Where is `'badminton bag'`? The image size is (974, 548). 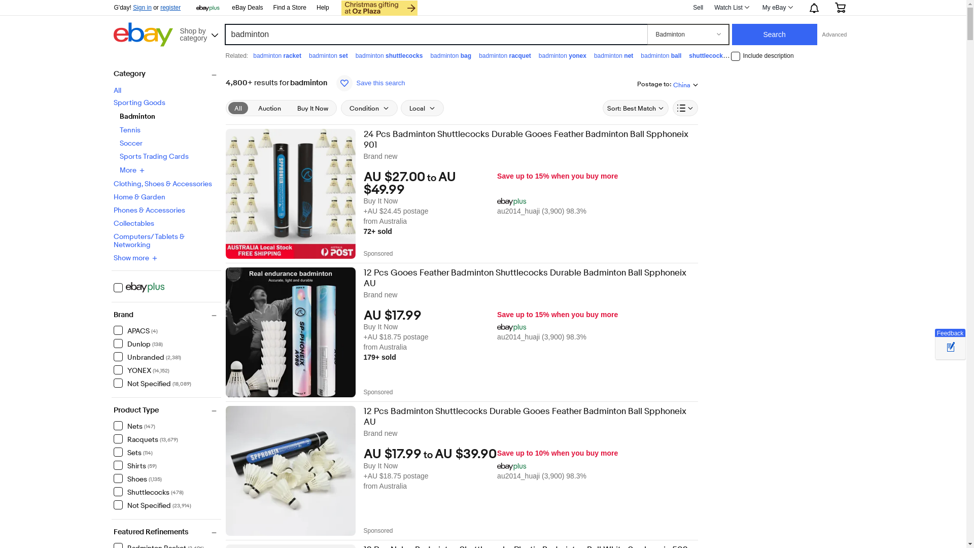
'badminton bag' is located at coordinates (450, 56).